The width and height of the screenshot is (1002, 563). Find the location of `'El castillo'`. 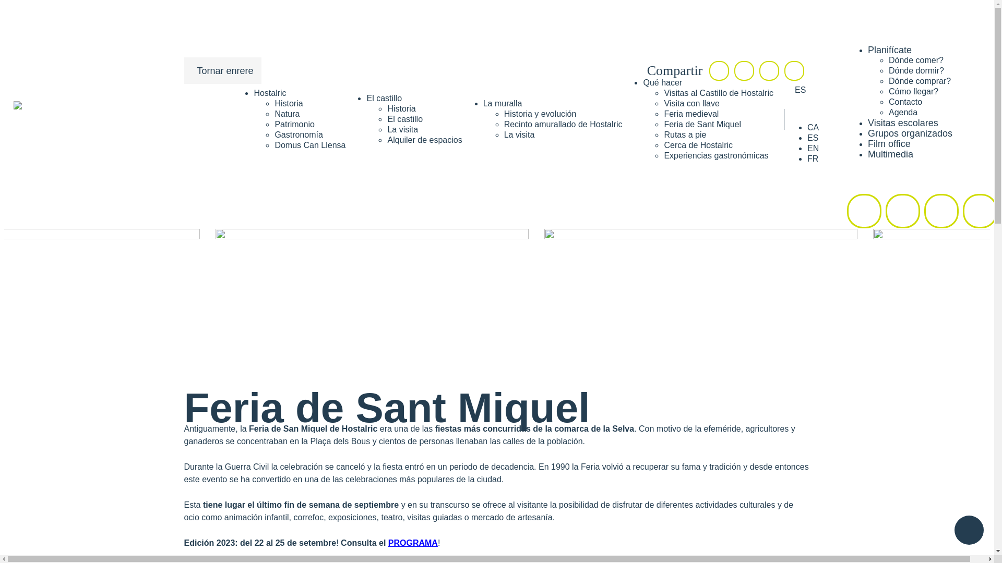

'El castillo' is located at coordinates (404, 118).